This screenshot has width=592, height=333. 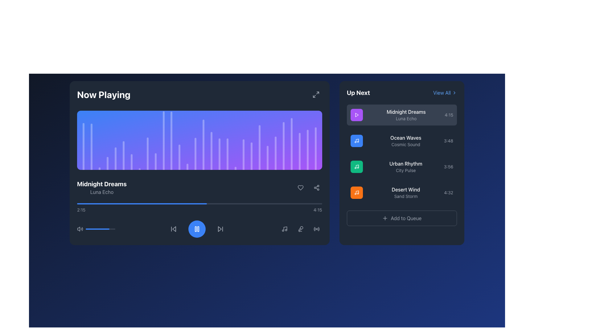 What do you see at coordinates (99, 229) in the screenshot?
I see `the volume` at bounding box center [99, 229].